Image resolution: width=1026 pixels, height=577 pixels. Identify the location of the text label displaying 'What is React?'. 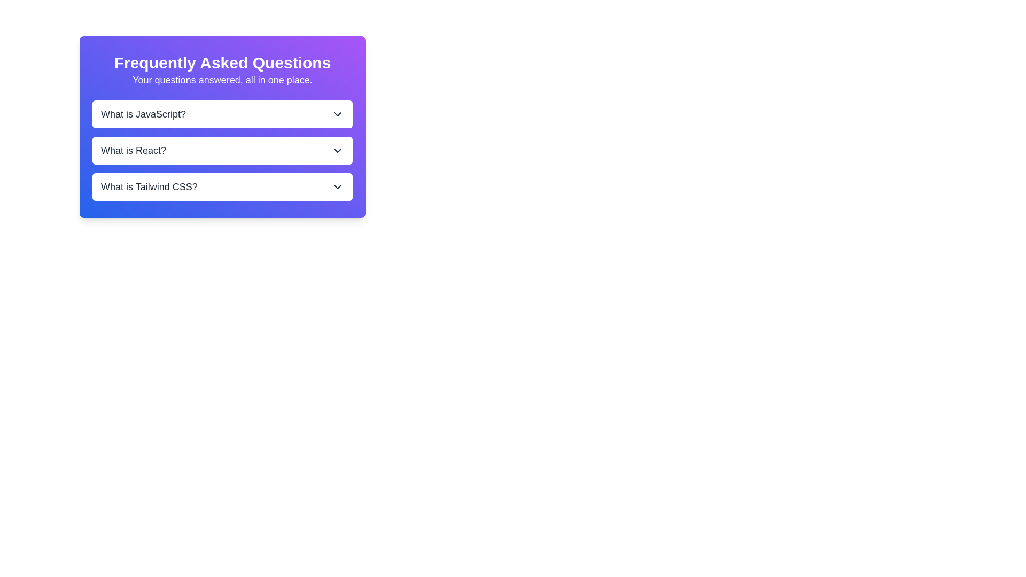
(133, 150).